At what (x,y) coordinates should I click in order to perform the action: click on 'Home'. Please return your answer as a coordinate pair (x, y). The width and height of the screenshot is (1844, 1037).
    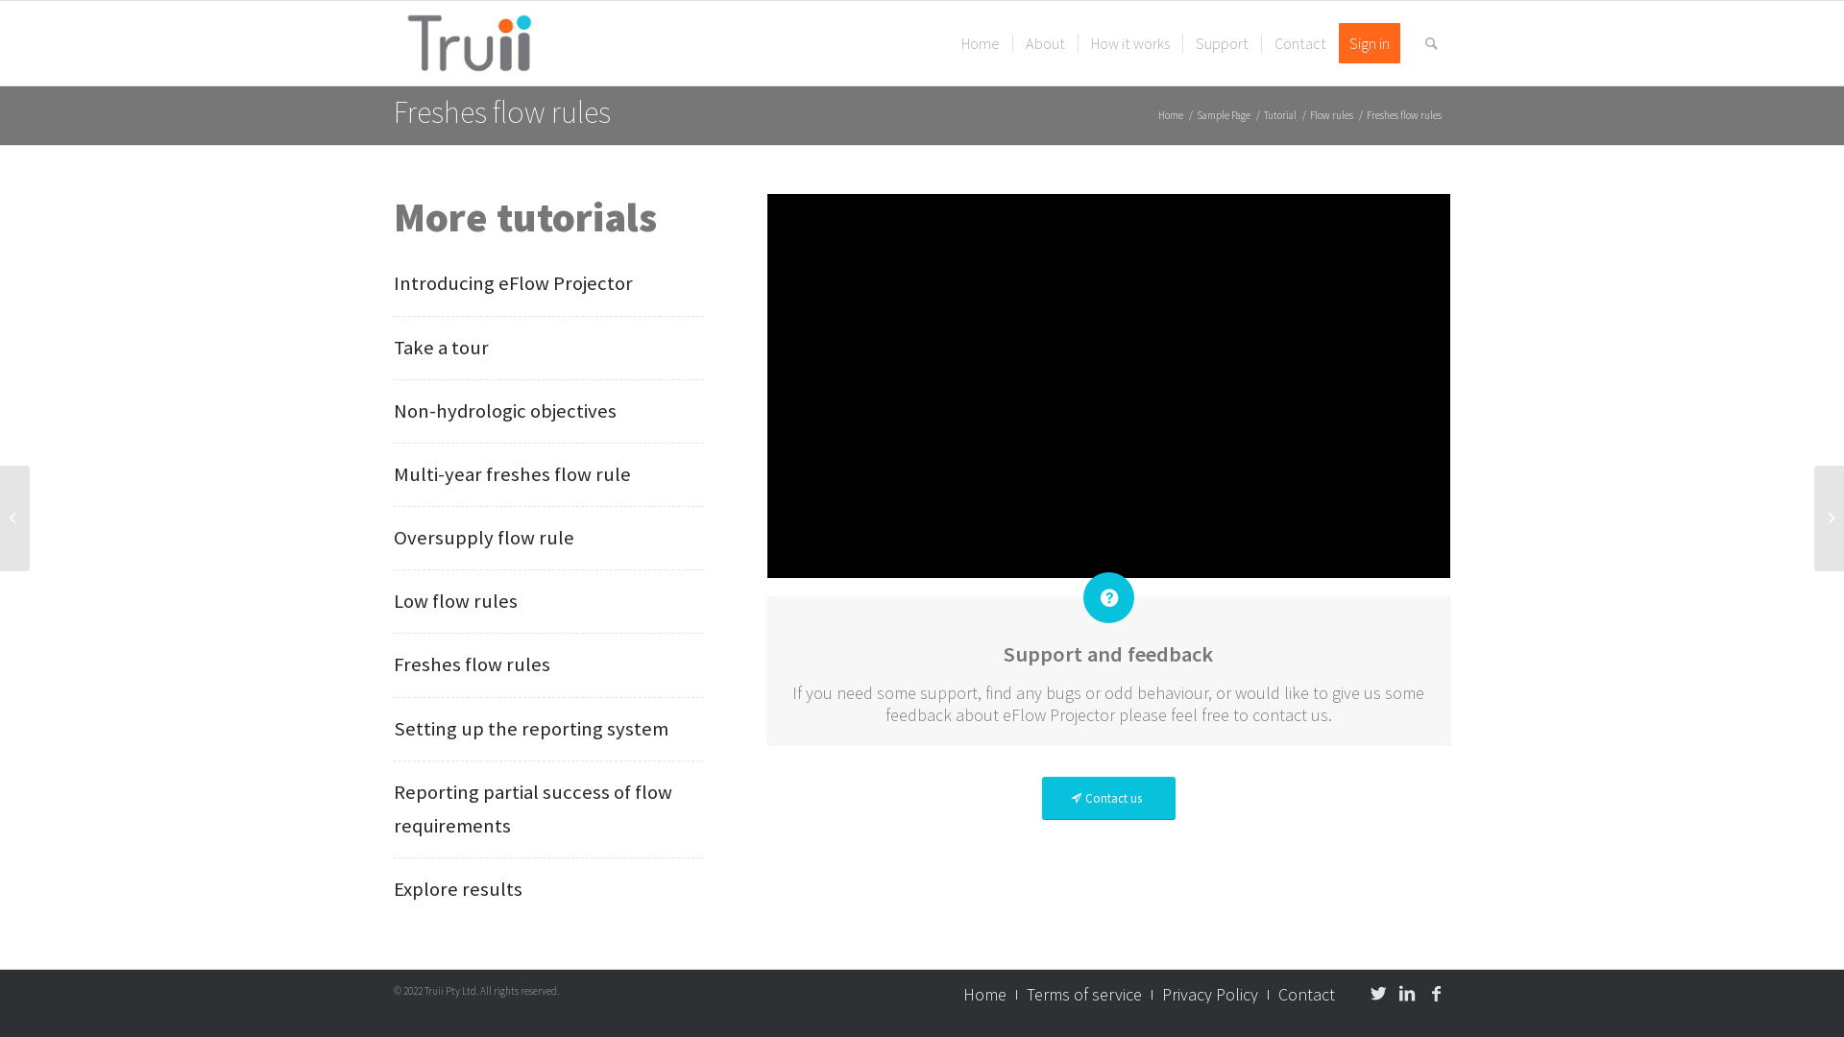
    Looking at the image, I should click on (981, 43).